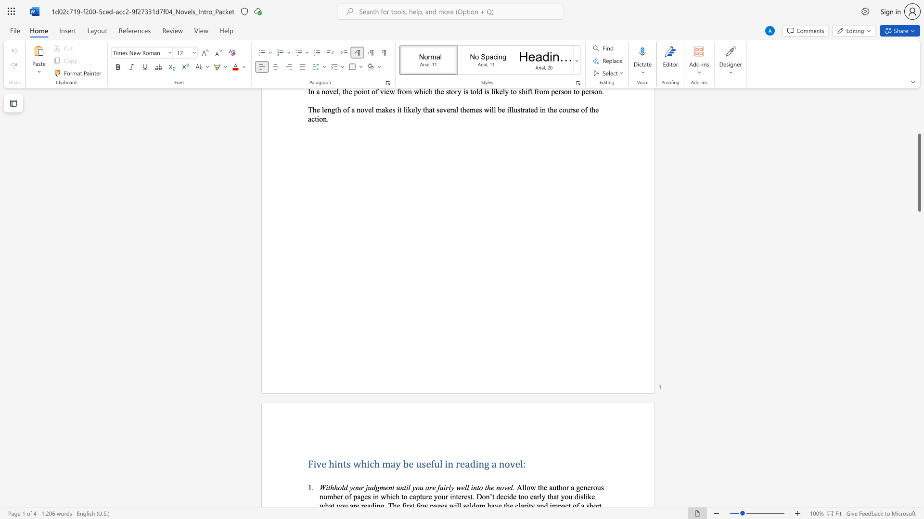 This screenshot has height=519, width=924. Describe the element at coordinates (919, 172) in the screenshot. I see `the scrollbar and move up 290 pixels` at that location.